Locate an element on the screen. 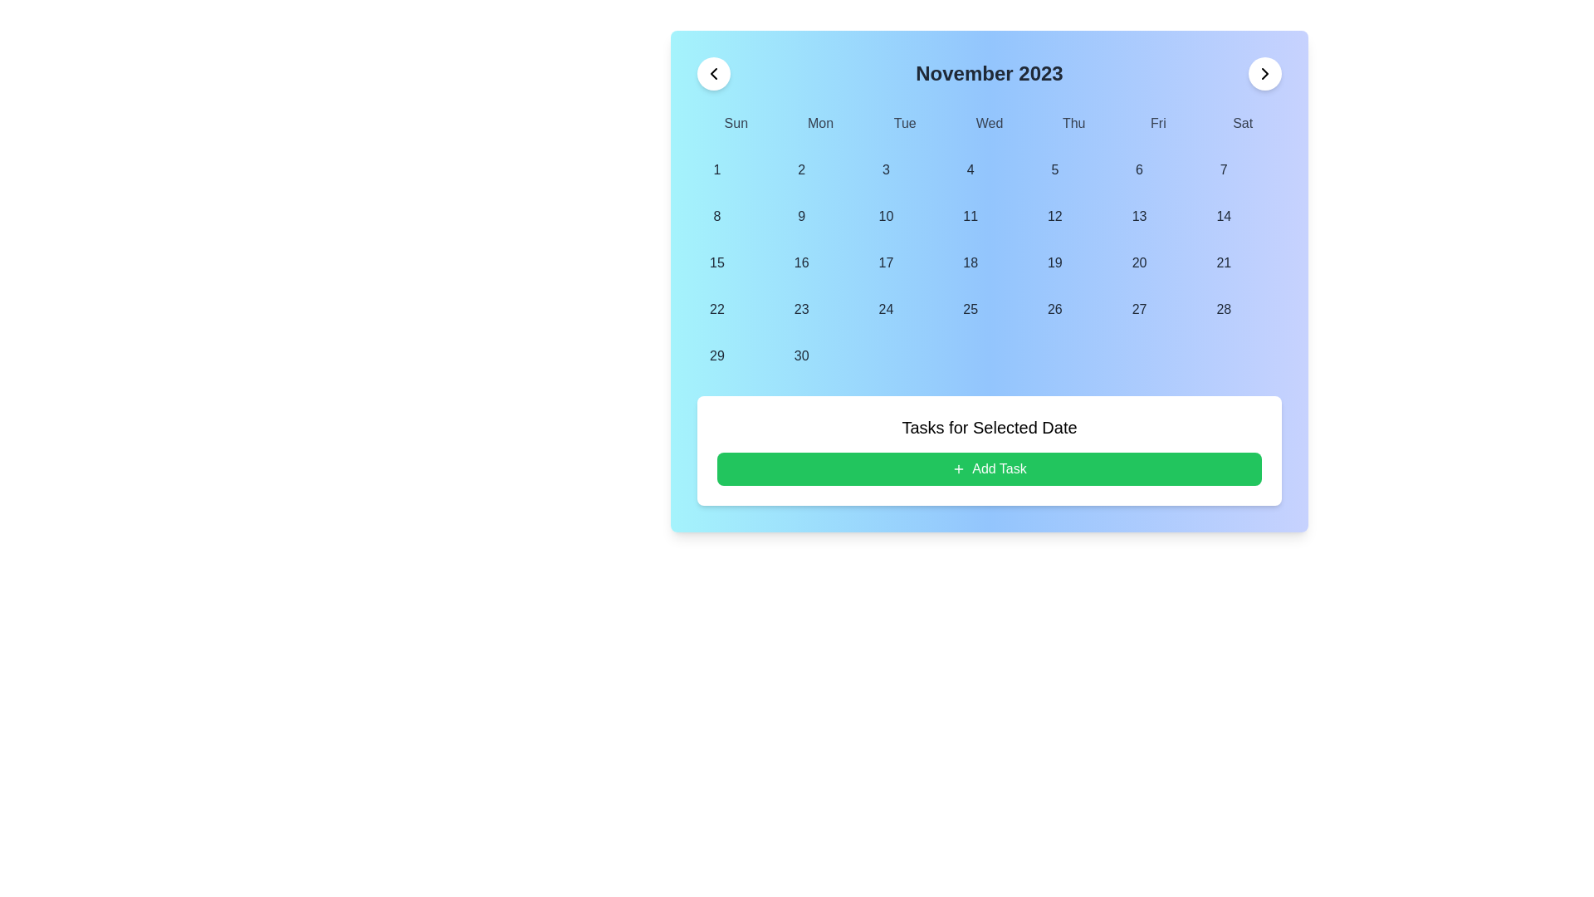  the Text Label Group displaying the days of the week, which is styled with medium font weight and a gray color, located below the title 'November 2023' is located at coordinates (989, 123).